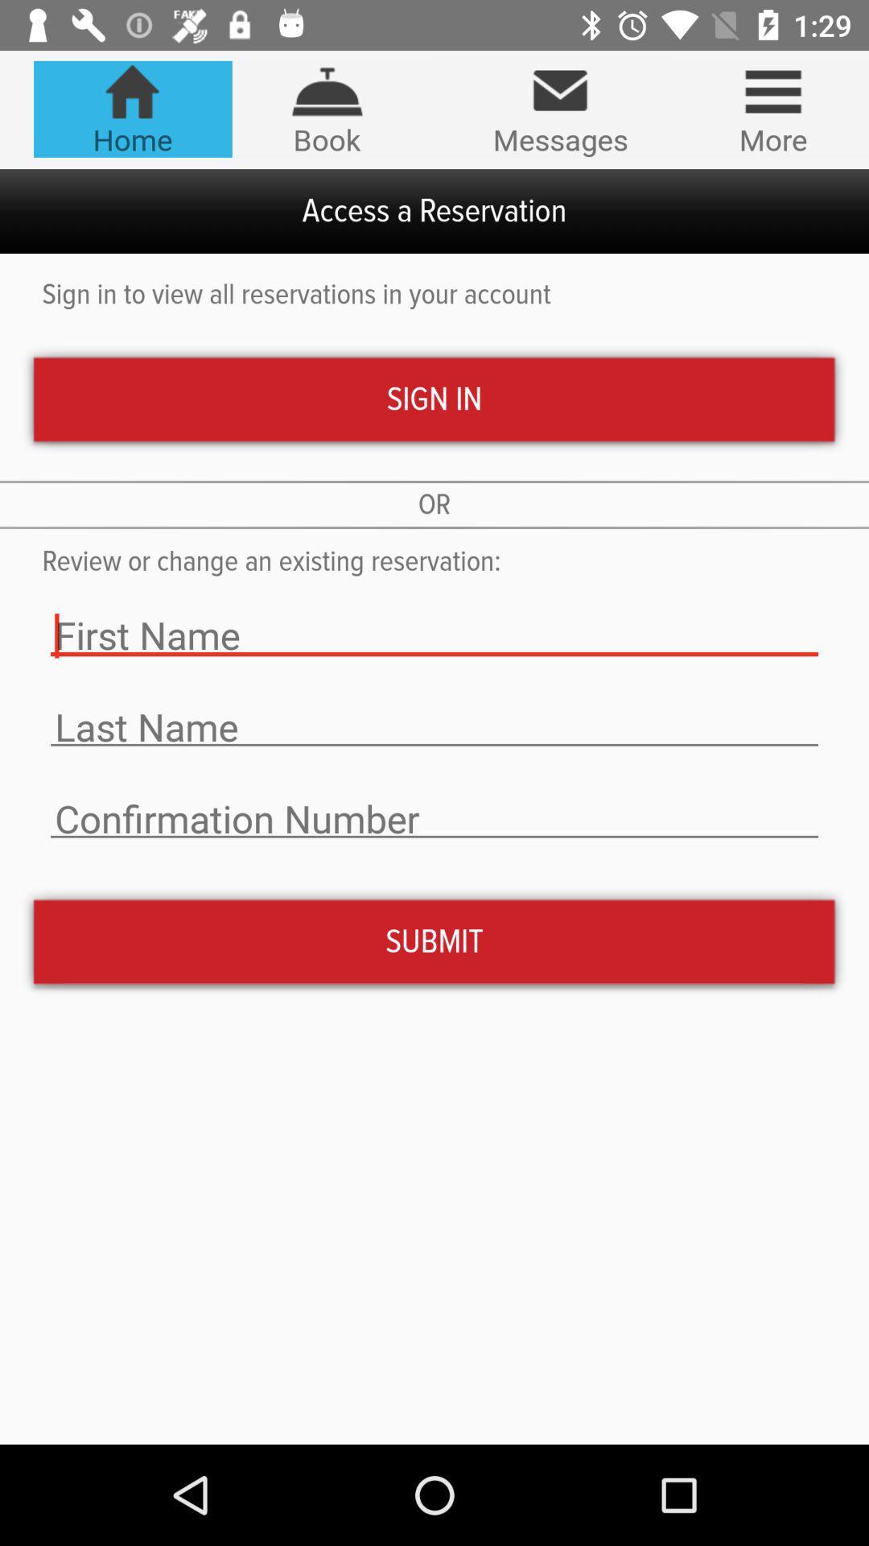 The width and height of the screenshot is (869, 1546). I want to click on the item next to the book icon, so click(132, 108).